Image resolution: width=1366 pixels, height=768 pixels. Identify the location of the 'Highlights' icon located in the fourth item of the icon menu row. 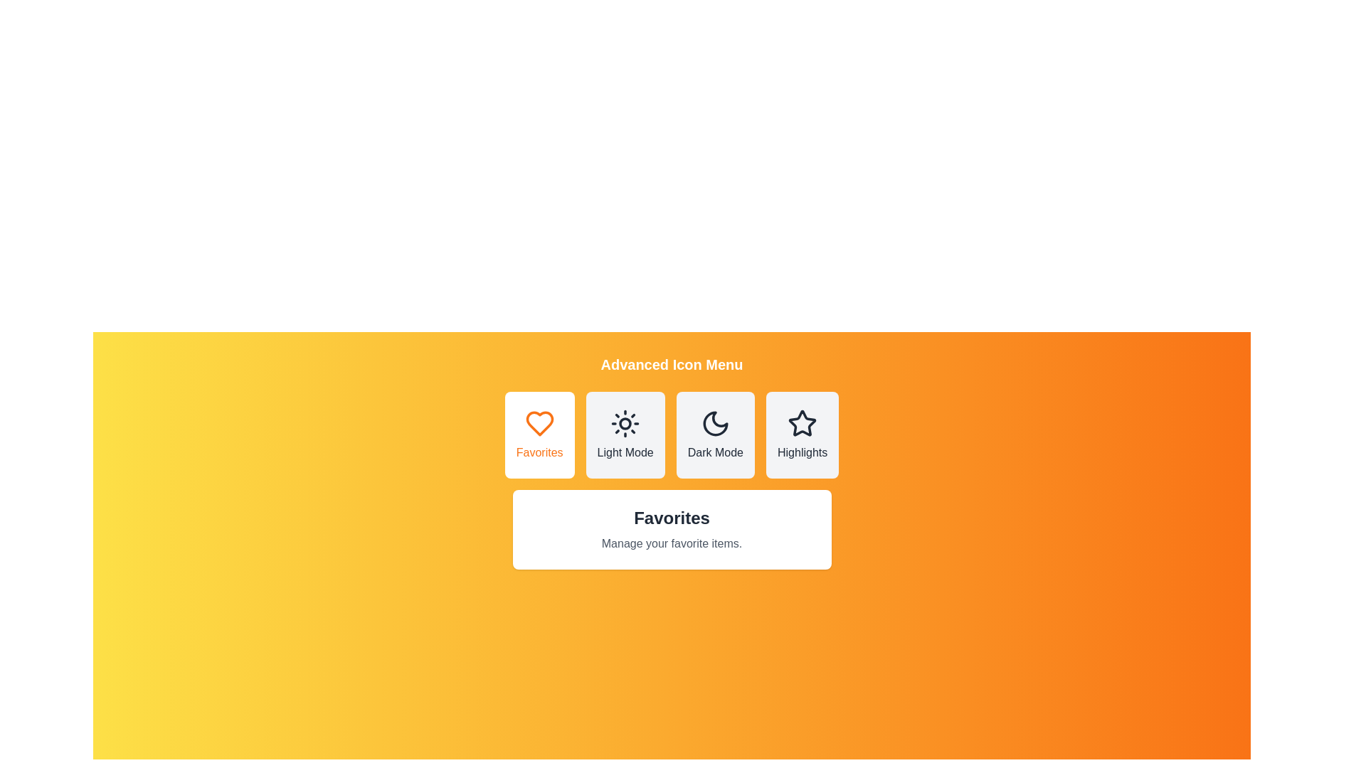
(803, 423).